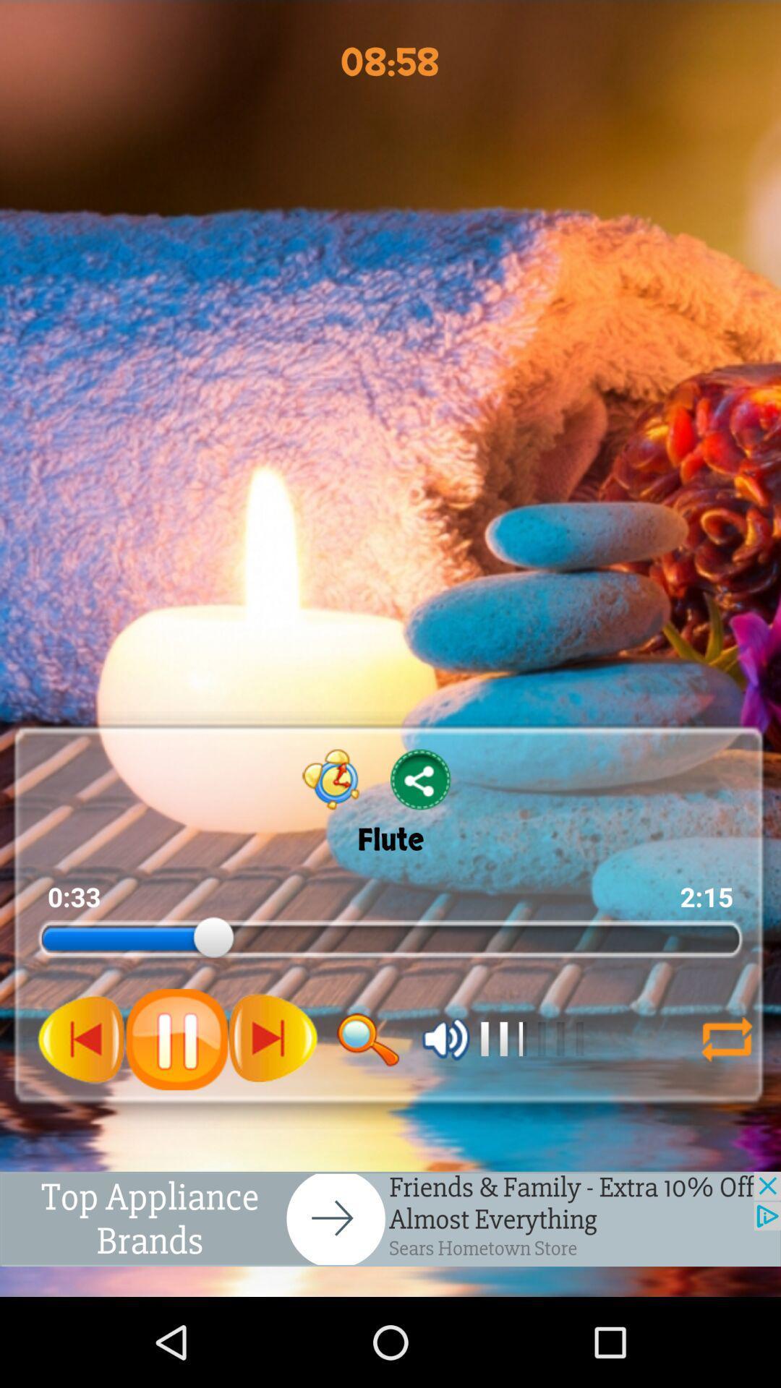 The height and width of the screenshot is (1388, 781). Describe the element at coordinates (82, 1038) in the screenshot. I see `previous` at that location.